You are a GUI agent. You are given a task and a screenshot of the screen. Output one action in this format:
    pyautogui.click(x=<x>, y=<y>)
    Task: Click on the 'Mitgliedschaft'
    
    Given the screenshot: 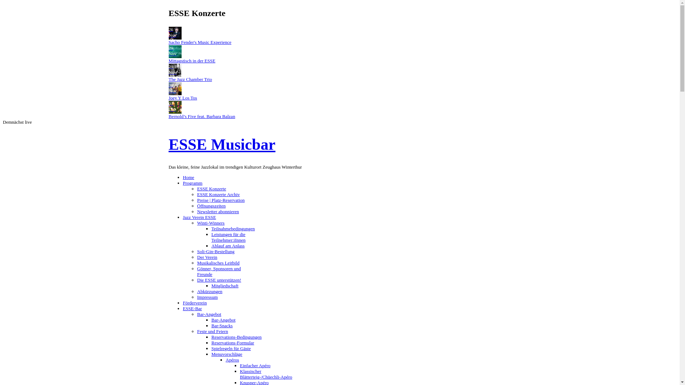 What is the action you would take?
    pyautogui.click(x=224, y=285)
    